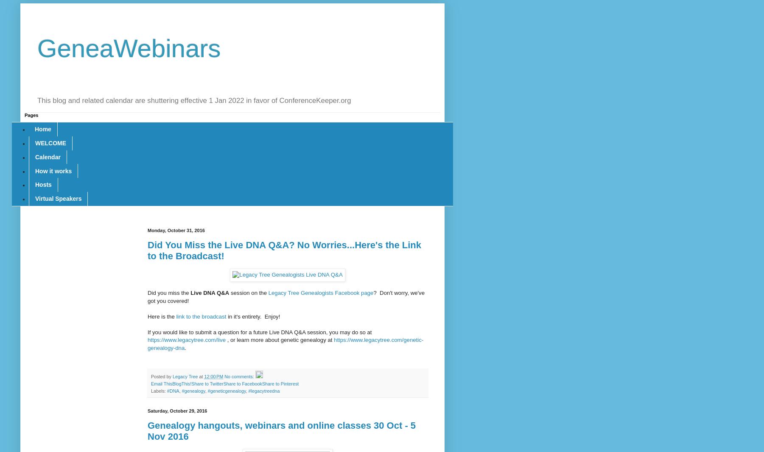  I want to click on 'Email This', so click(161, 383).